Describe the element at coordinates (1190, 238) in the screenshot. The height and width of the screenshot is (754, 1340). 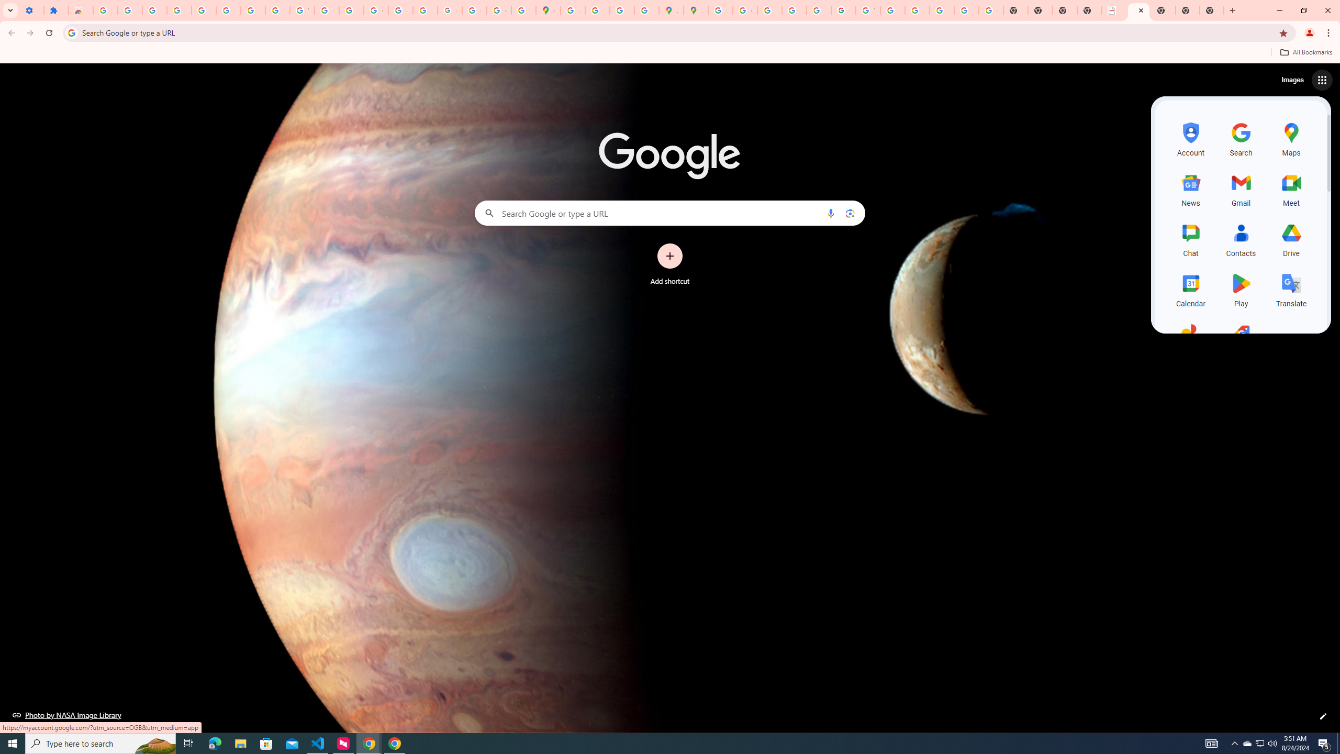
I see `'Chat, row 3 of 5 and column 1 of 3 in the first section'` at that location.